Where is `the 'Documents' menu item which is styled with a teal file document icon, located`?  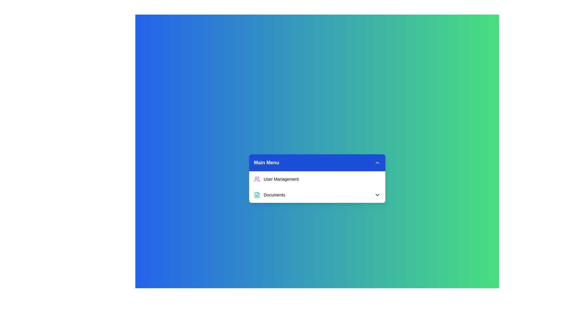
the 'Documents' menu item which is styled with a teal file document icon, located is located at coordinates (269, 195).